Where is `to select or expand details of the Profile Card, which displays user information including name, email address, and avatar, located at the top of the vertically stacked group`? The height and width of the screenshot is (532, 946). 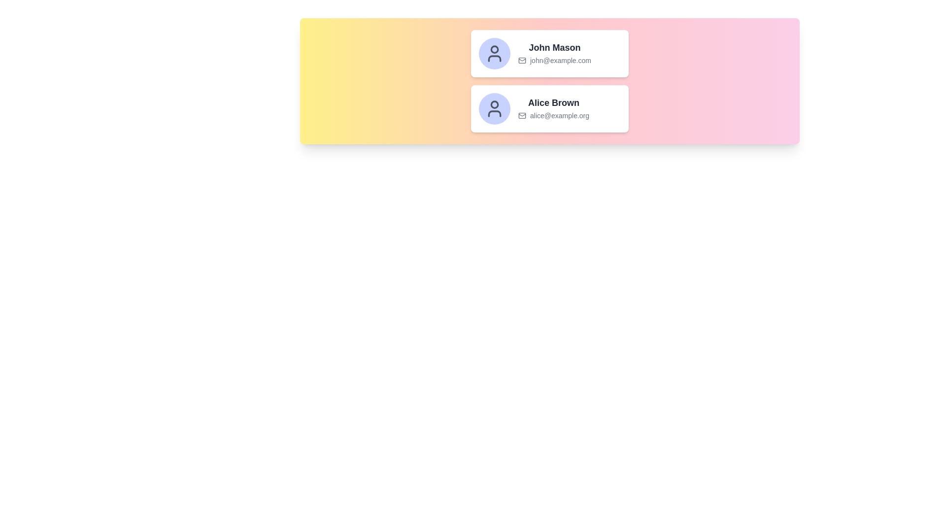 to select or expand details of the Profile Card, which displays user information including name, email address, and avatar, located at the top of the vertically stacked group is located at coordinates (549, 53).